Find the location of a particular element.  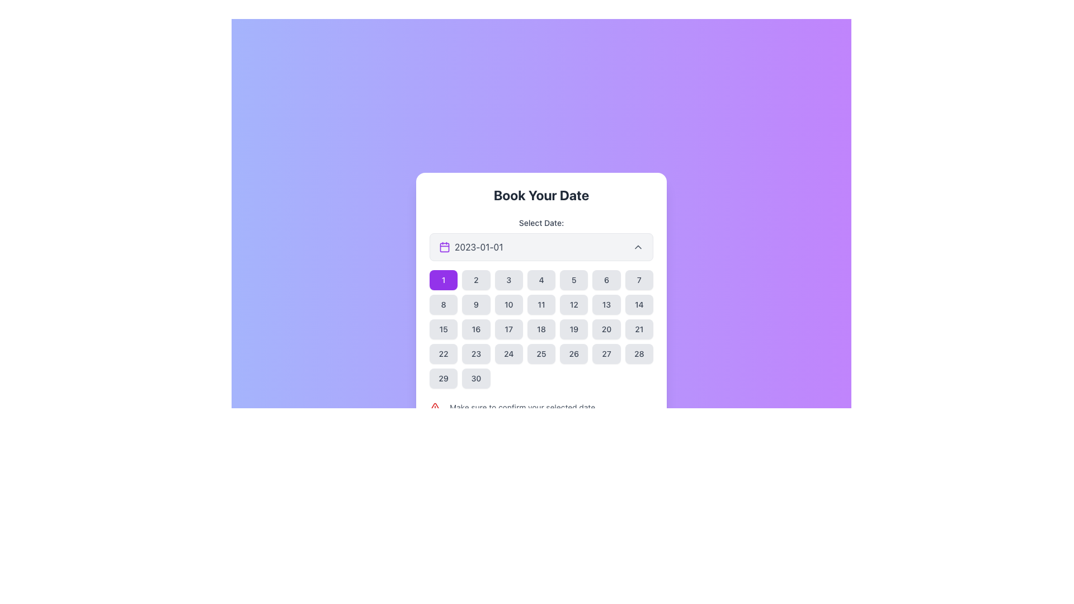

the text label that displays the message 'Make sure to confirm your selected date', which is styled in a small gray font and located next to a caution symbol in the date selection controls is located at coordinates (522, 408).